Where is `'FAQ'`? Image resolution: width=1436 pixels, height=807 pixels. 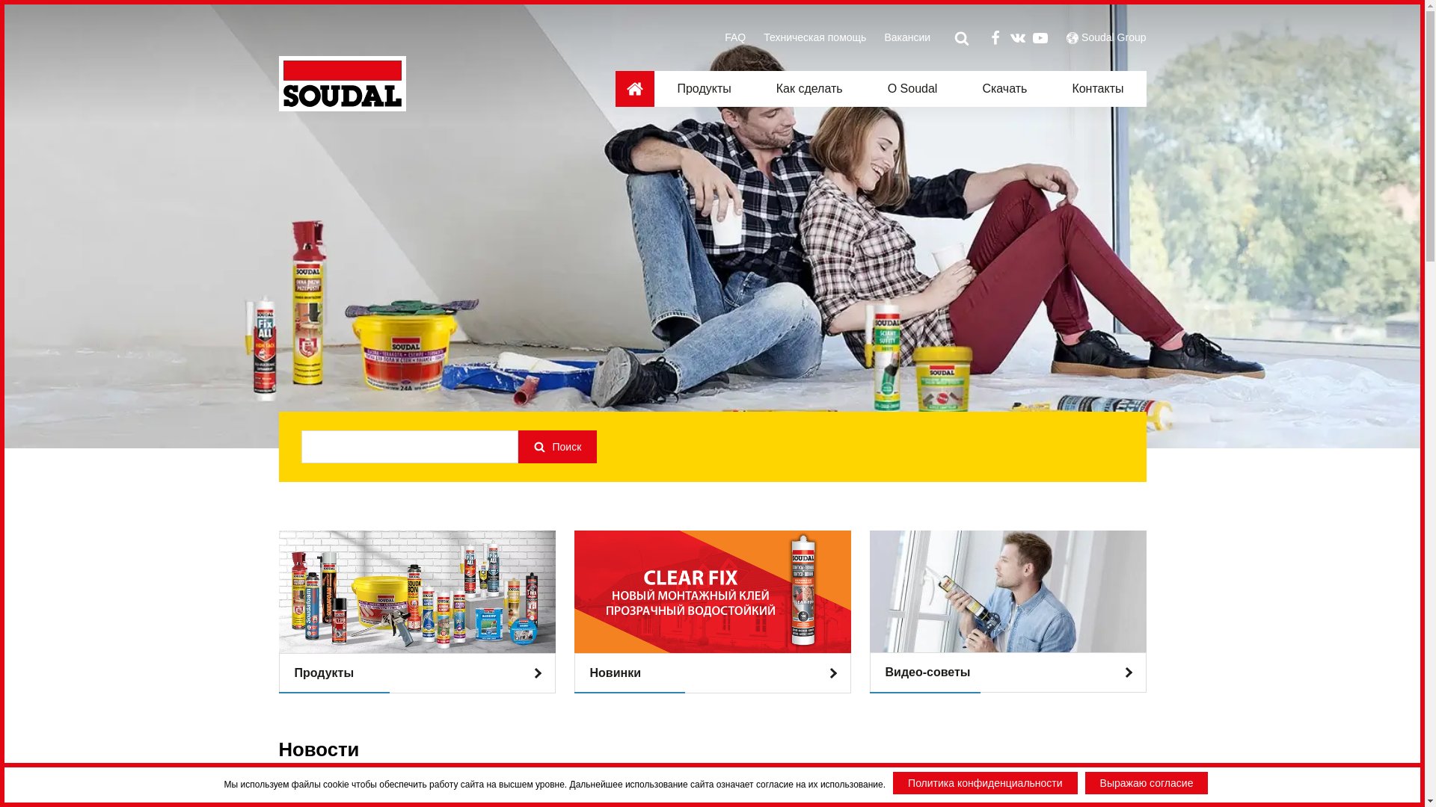
'FAQ' is located at coordinates (735, 37).